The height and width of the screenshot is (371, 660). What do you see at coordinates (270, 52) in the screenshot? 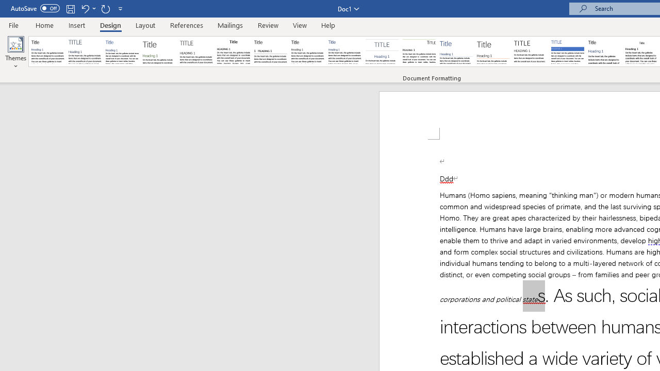
I see `'Black & White (Numbered)'` at bounding box center [270, 52].